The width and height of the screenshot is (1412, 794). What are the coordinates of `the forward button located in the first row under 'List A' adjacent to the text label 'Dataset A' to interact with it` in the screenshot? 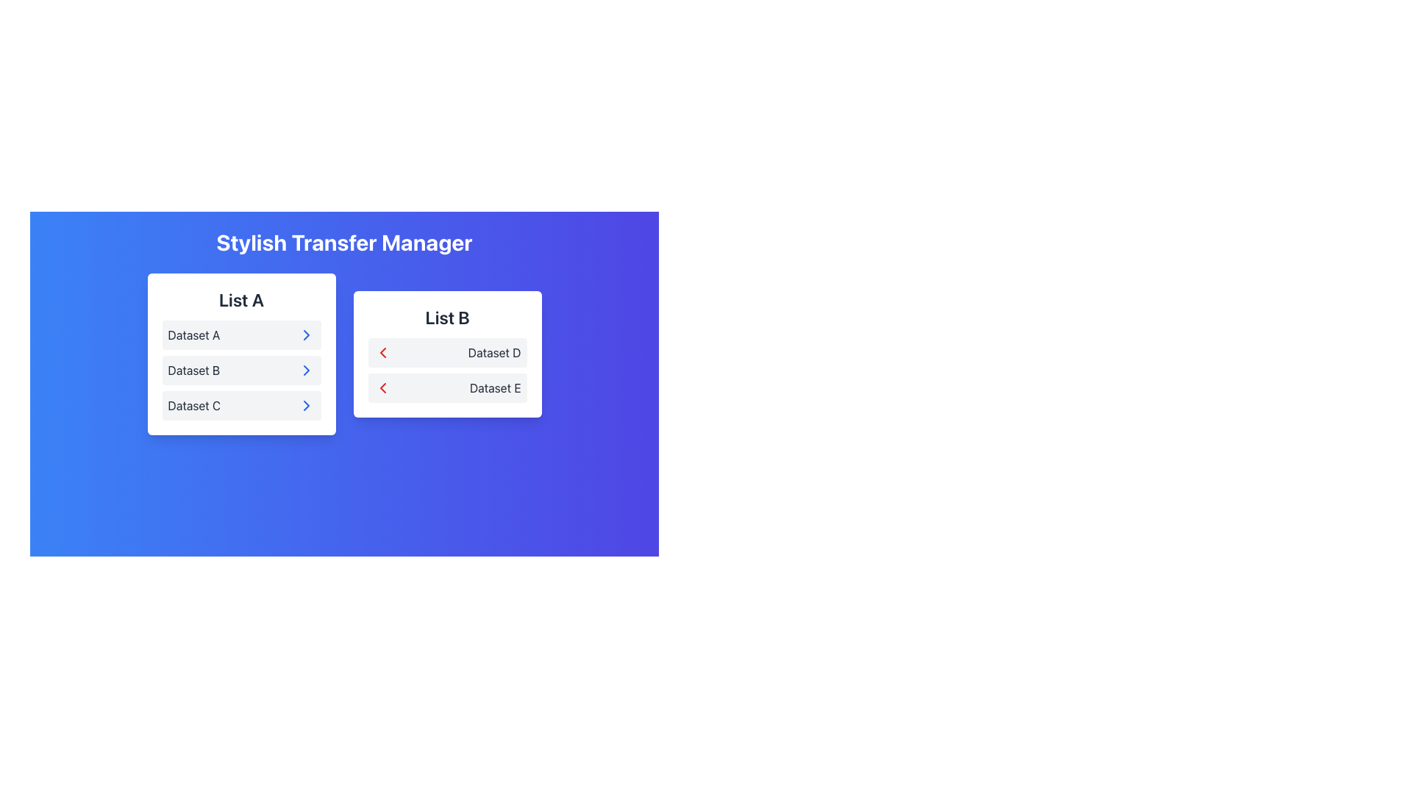 It's located at (305, 335).